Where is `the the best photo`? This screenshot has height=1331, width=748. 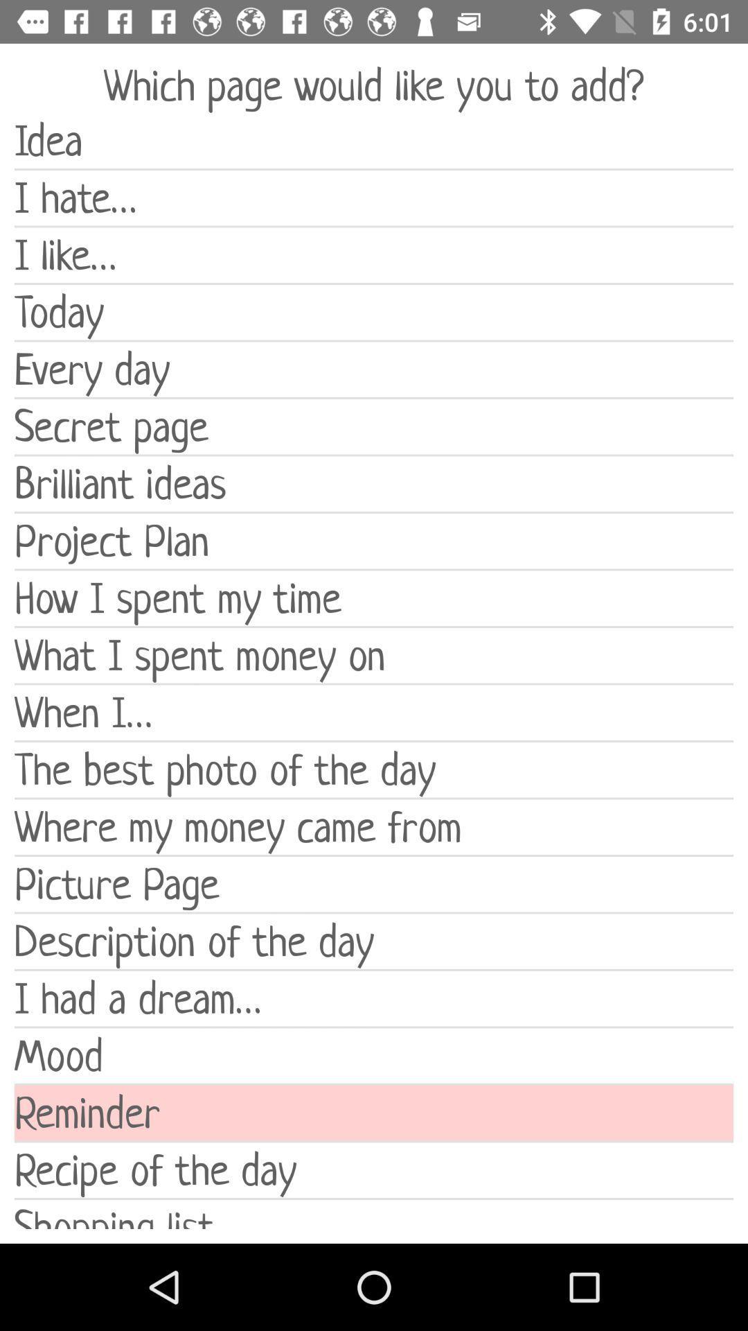
the the best photo is located at coordinates (374, 769).